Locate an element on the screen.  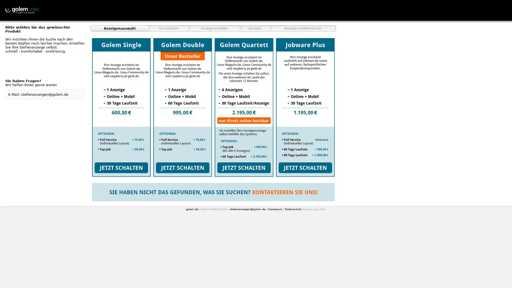
Submit is located at coordinates (244, 107).